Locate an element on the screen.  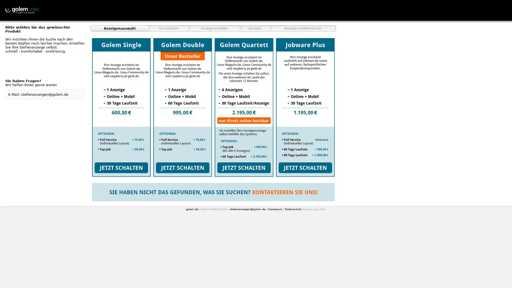
Submit is located at coordinates (244, 107).